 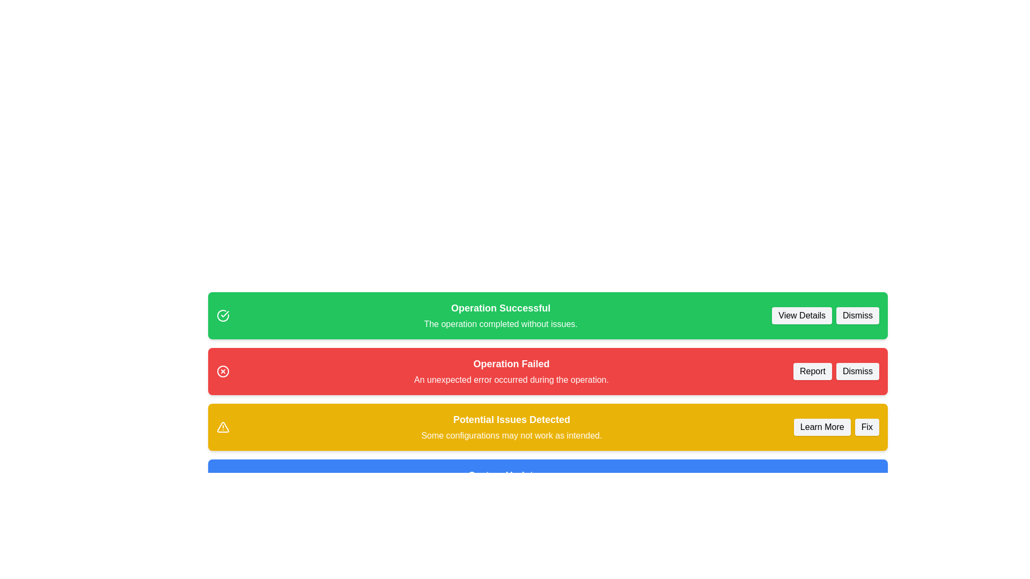 I want to click on the Message or alert content component that displays 'Operation Successful' in bold with a green background, located above the buttons 'View Details' and 'Dismiss', so click(x=500, y=315).